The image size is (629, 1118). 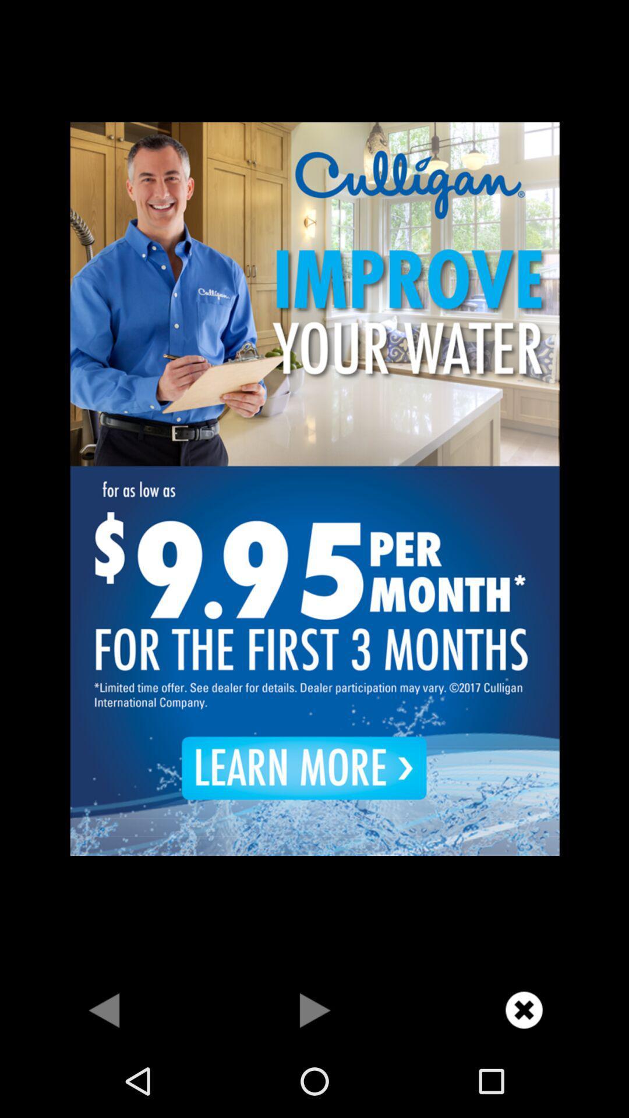 I want to click on the arrow_backward icon, so click(x=105, y=1080).